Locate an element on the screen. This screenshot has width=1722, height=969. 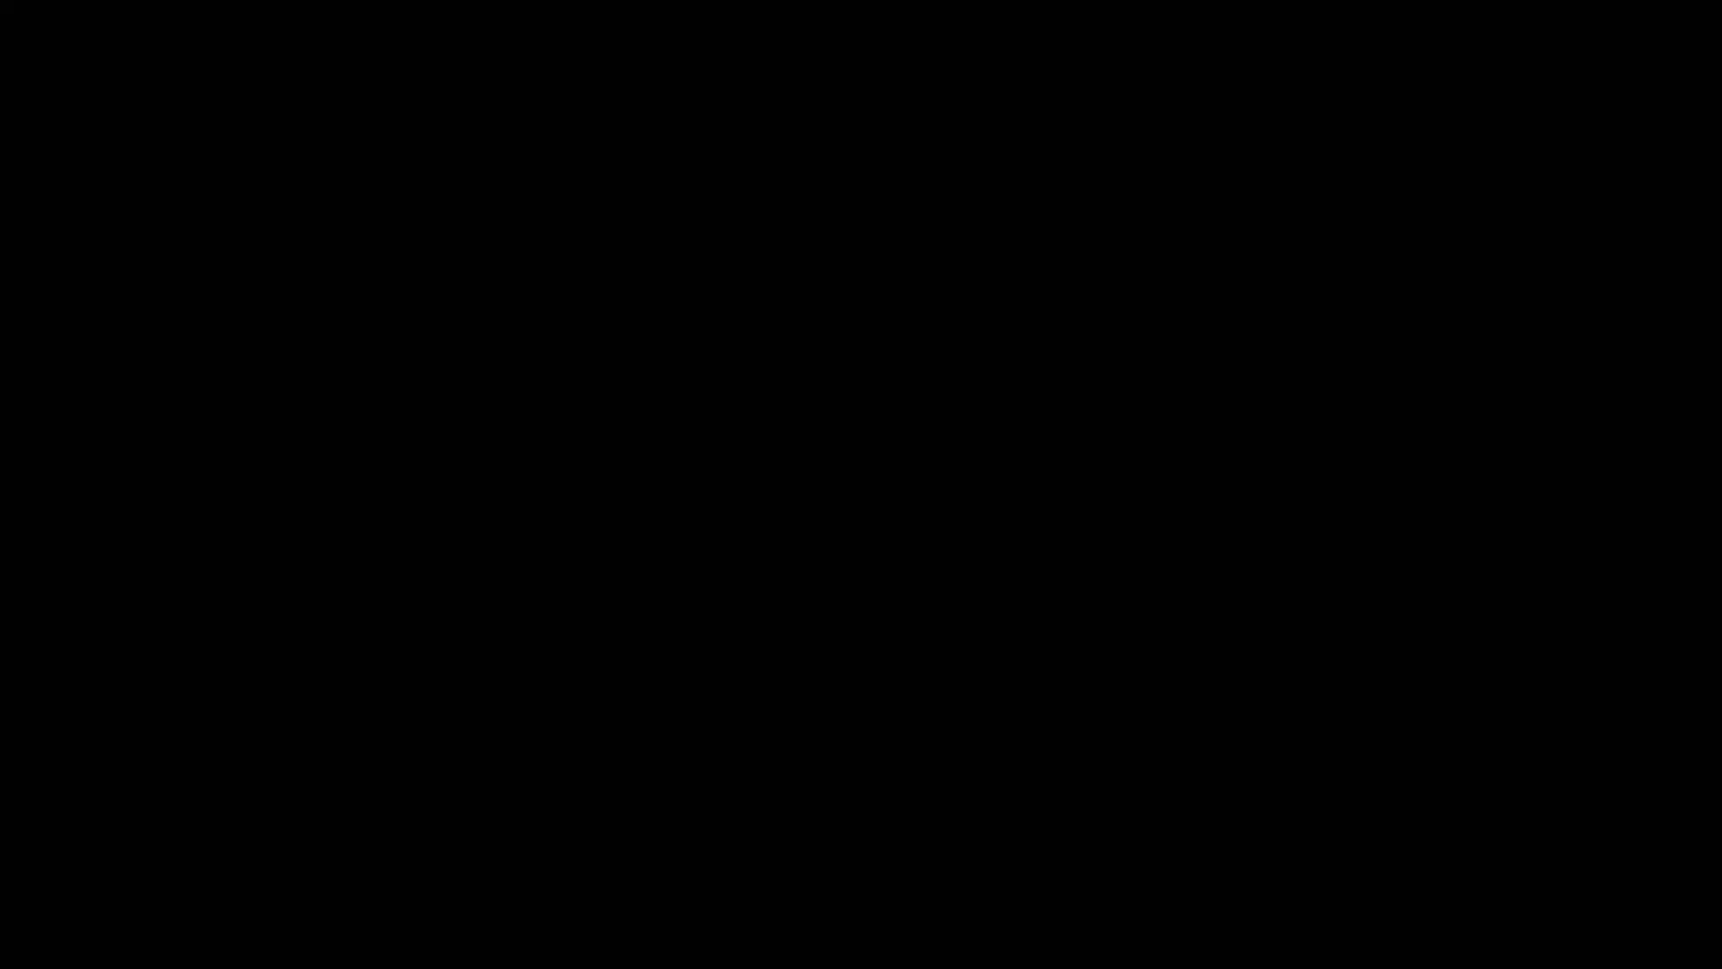
show more media controls is located at coordinates (1678, 918).